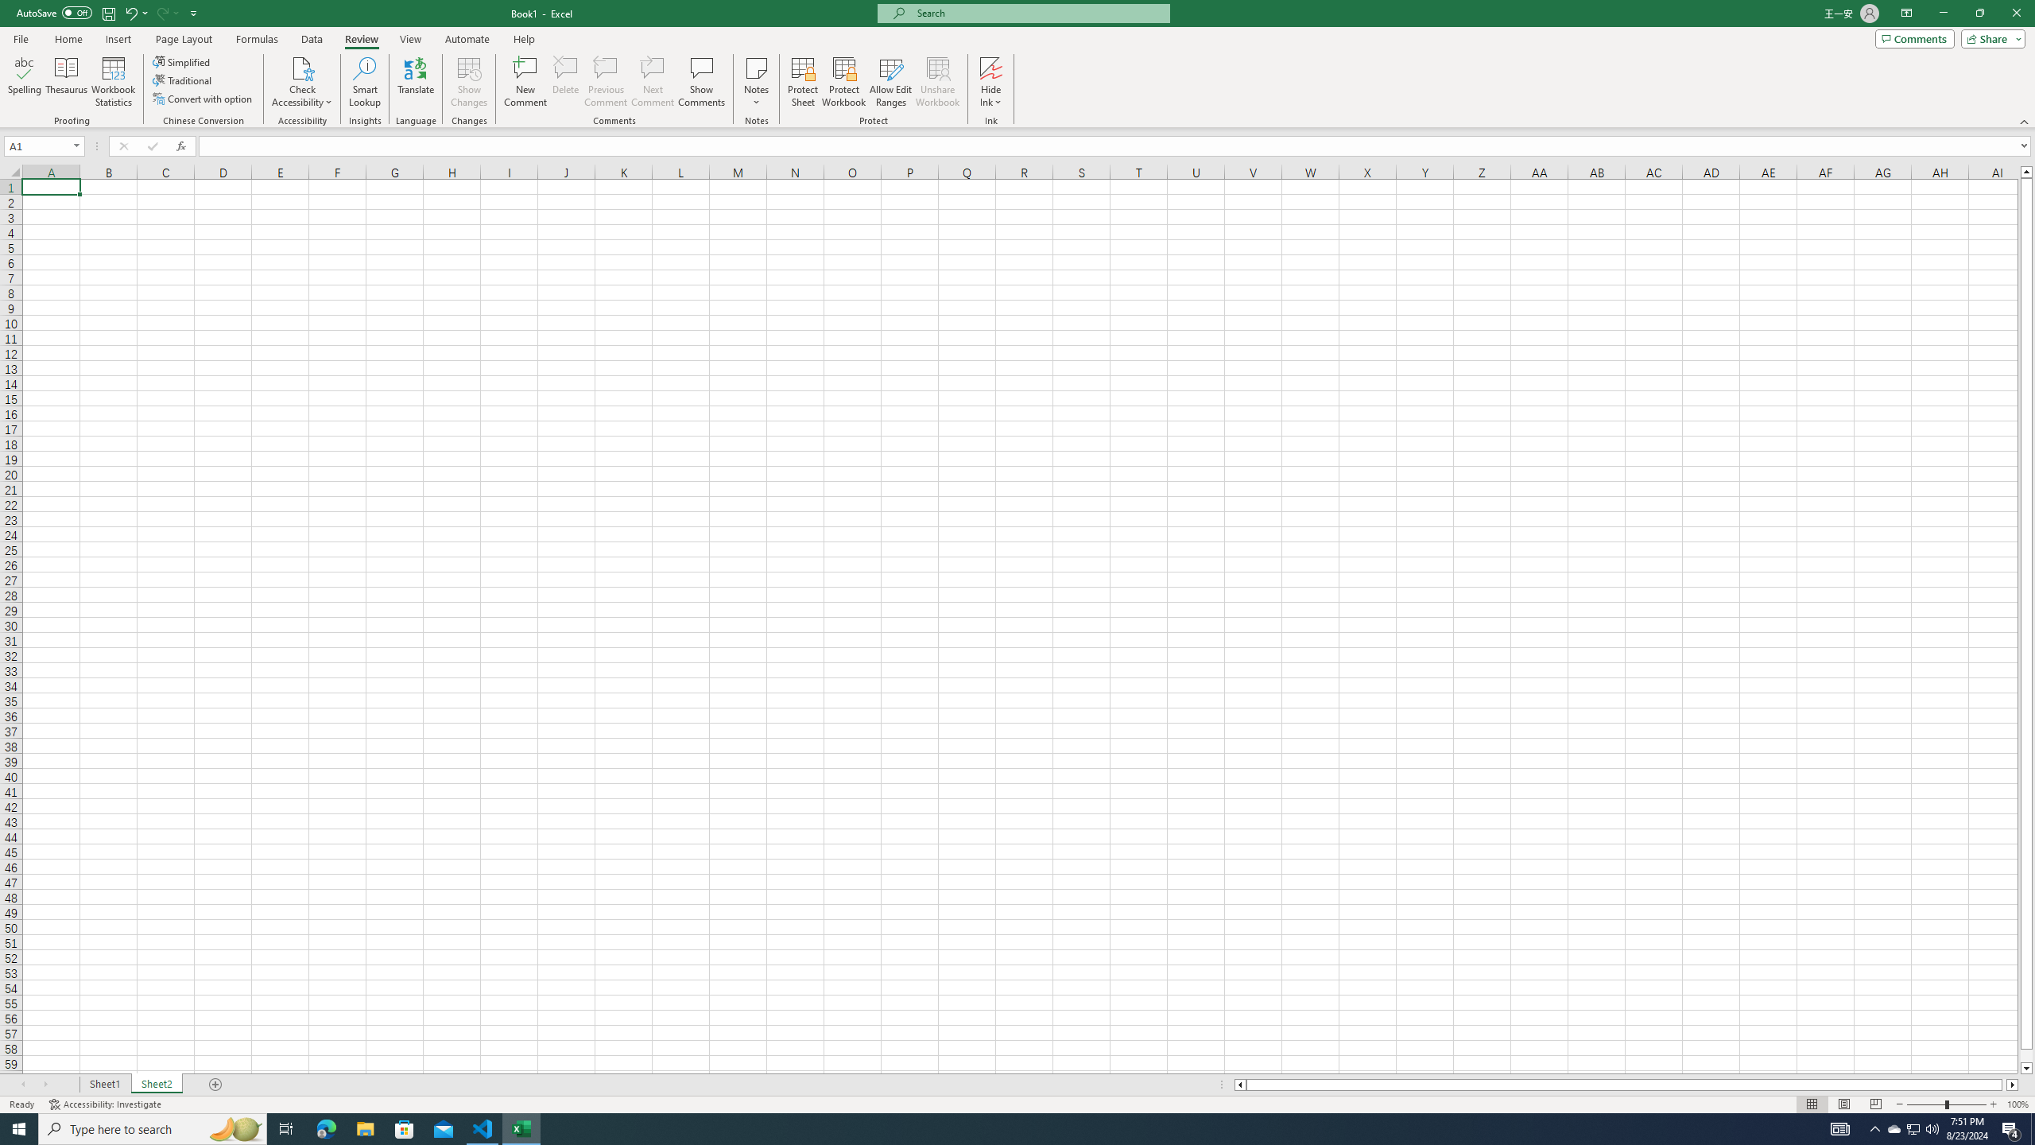 This screenshot has height=1145, width=2035. Describe the element at coordinates (65, 82) in the screenshot. I see `'Thesaurus...'` at that location.